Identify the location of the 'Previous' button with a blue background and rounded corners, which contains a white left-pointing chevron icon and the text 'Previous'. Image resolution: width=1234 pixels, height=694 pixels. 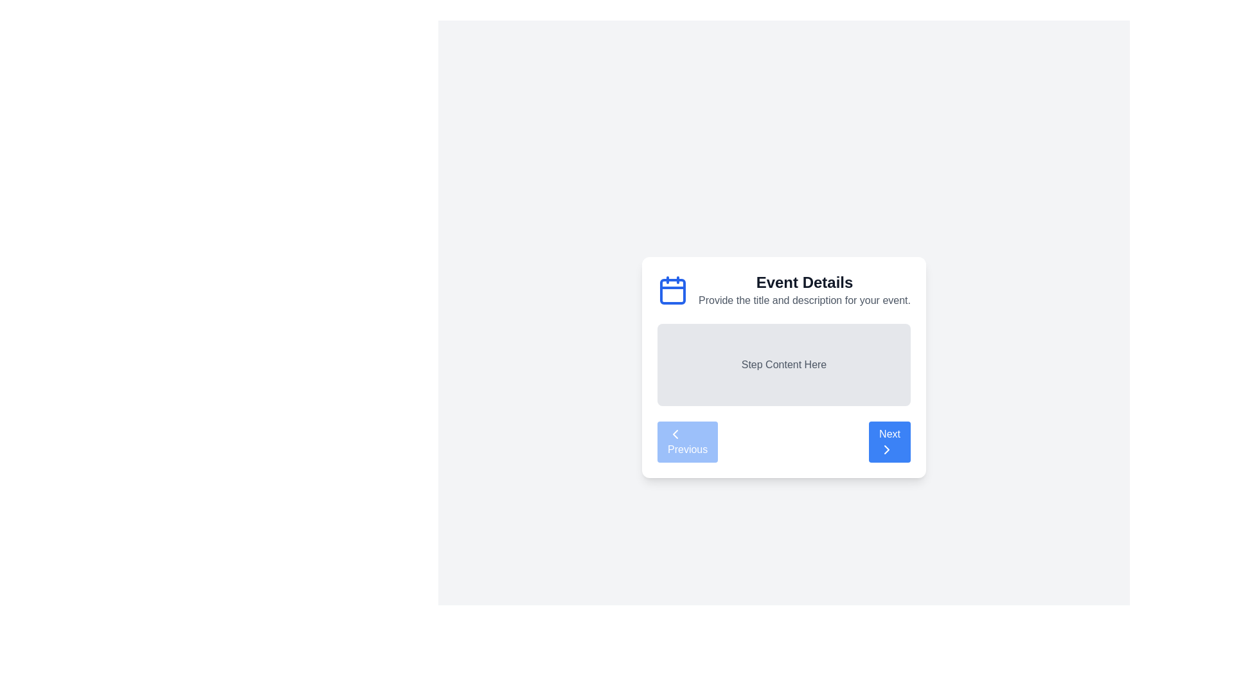
(687, 441).